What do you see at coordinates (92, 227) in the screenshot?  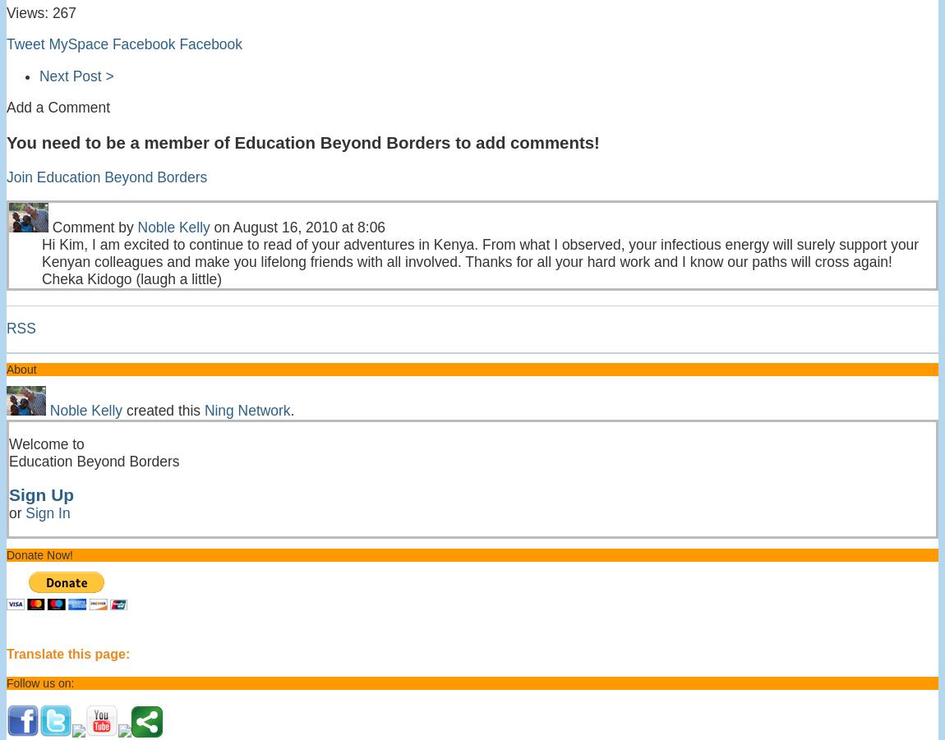 I see `'Comment by'` at bounding box center [92, 227].